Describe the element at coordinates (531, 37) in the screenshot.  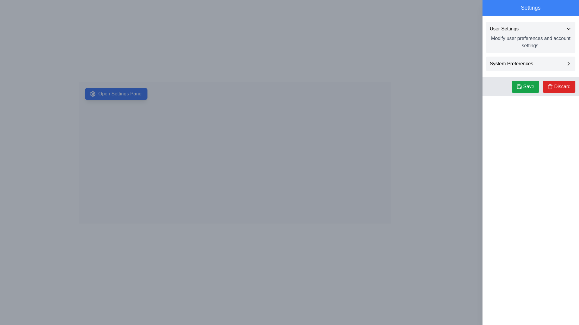
I see `the Menu card or section header located in the 'Settings' panel` at that location.